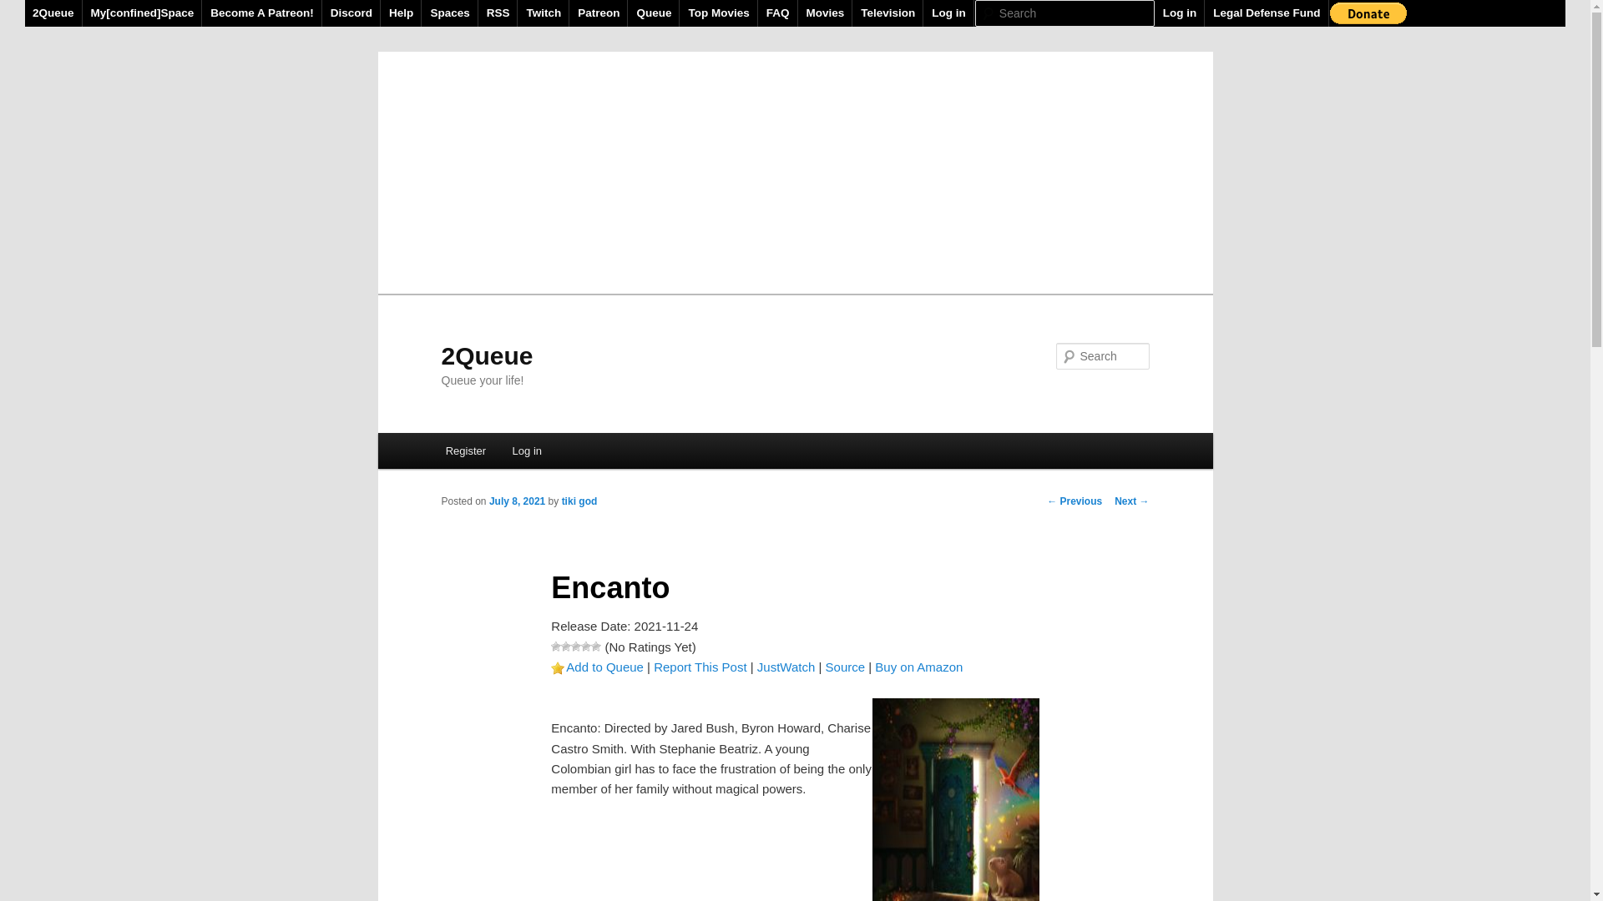 The image size is (1603, 901). What do you see at coordinates (700, 666) in the screenshot?
I see `'Report This Post'` at bounding box center [700, 666].